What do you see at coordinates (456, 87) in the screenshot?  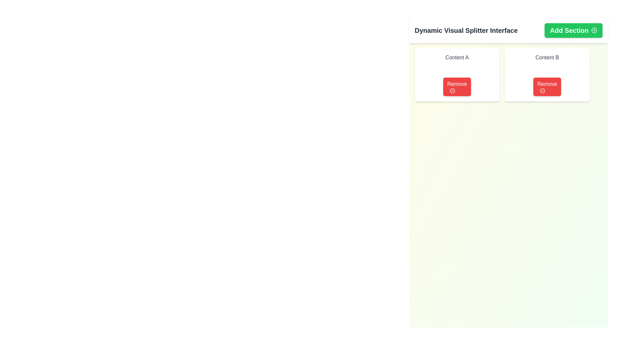 I see `the left 'Remove' button associated with 'Content A'` at bounding box center [456, 87].